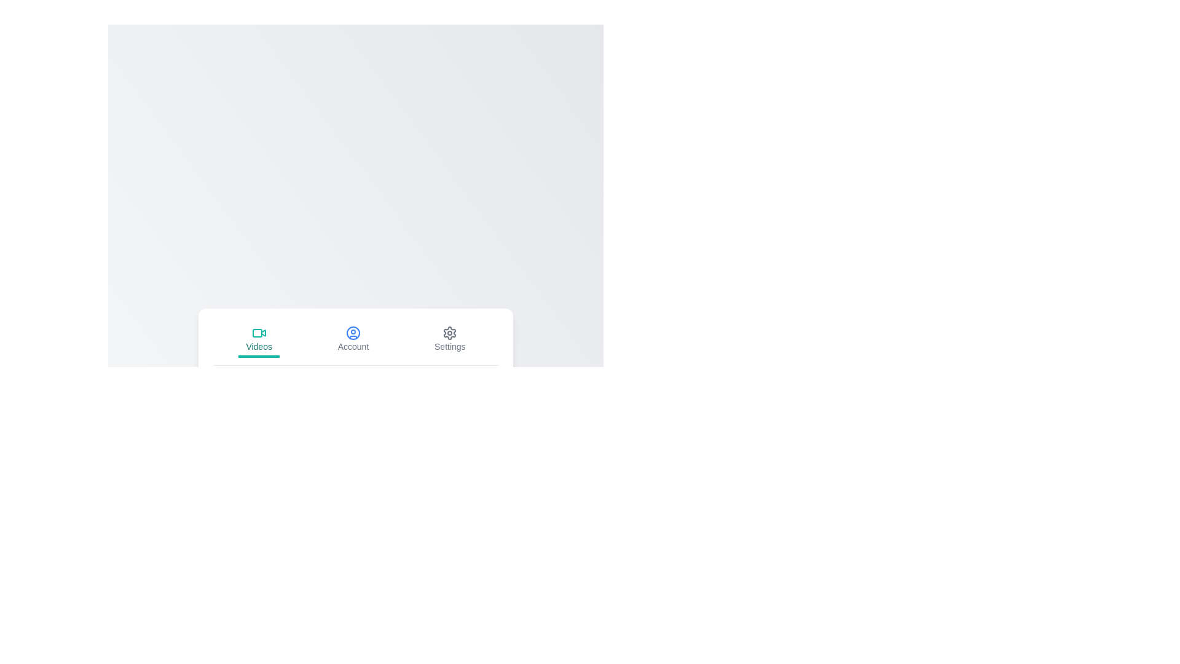  Describe the element at coordinates (449, 340) in the screenshot. I see `the Settings tab by clicking on its button` at that location.